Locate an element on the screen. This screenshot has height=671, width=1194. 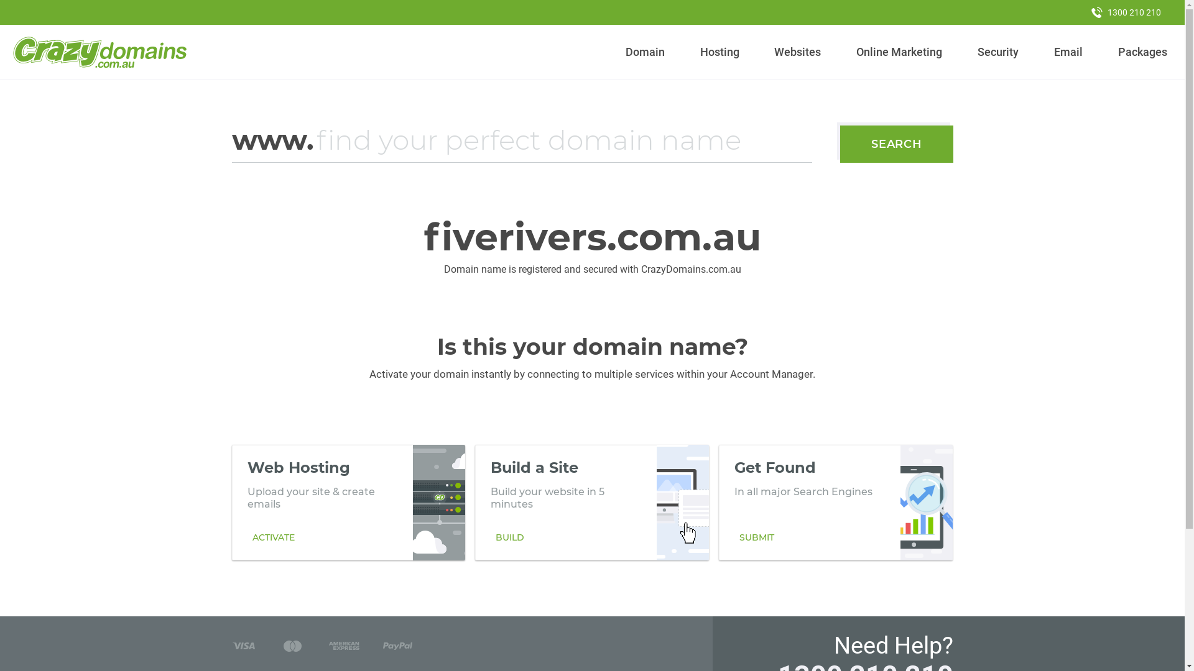
'Hosting' is located at coordinates (719, 52).